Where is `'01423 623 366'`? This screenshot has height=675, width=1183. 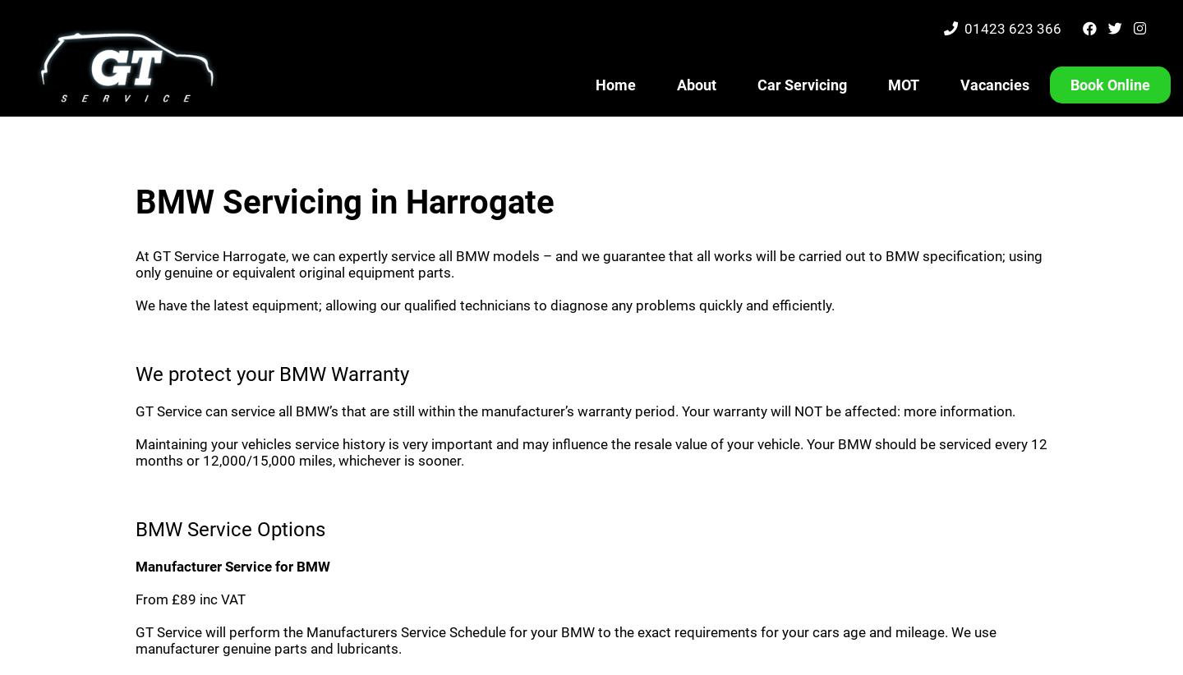
'01423 623 366' is located at coordinates (1015, 28).